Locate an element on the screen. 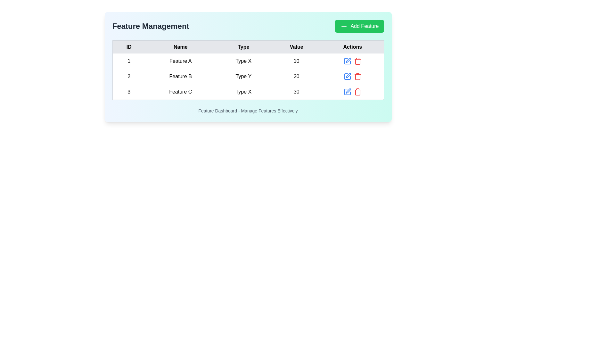 The image size is (615, 346). the icon resembling a pen within the 'Actions' column of the first feature entry in the 'Feature Management' table to initiate editing the feature is located at coordinates (348, 60).